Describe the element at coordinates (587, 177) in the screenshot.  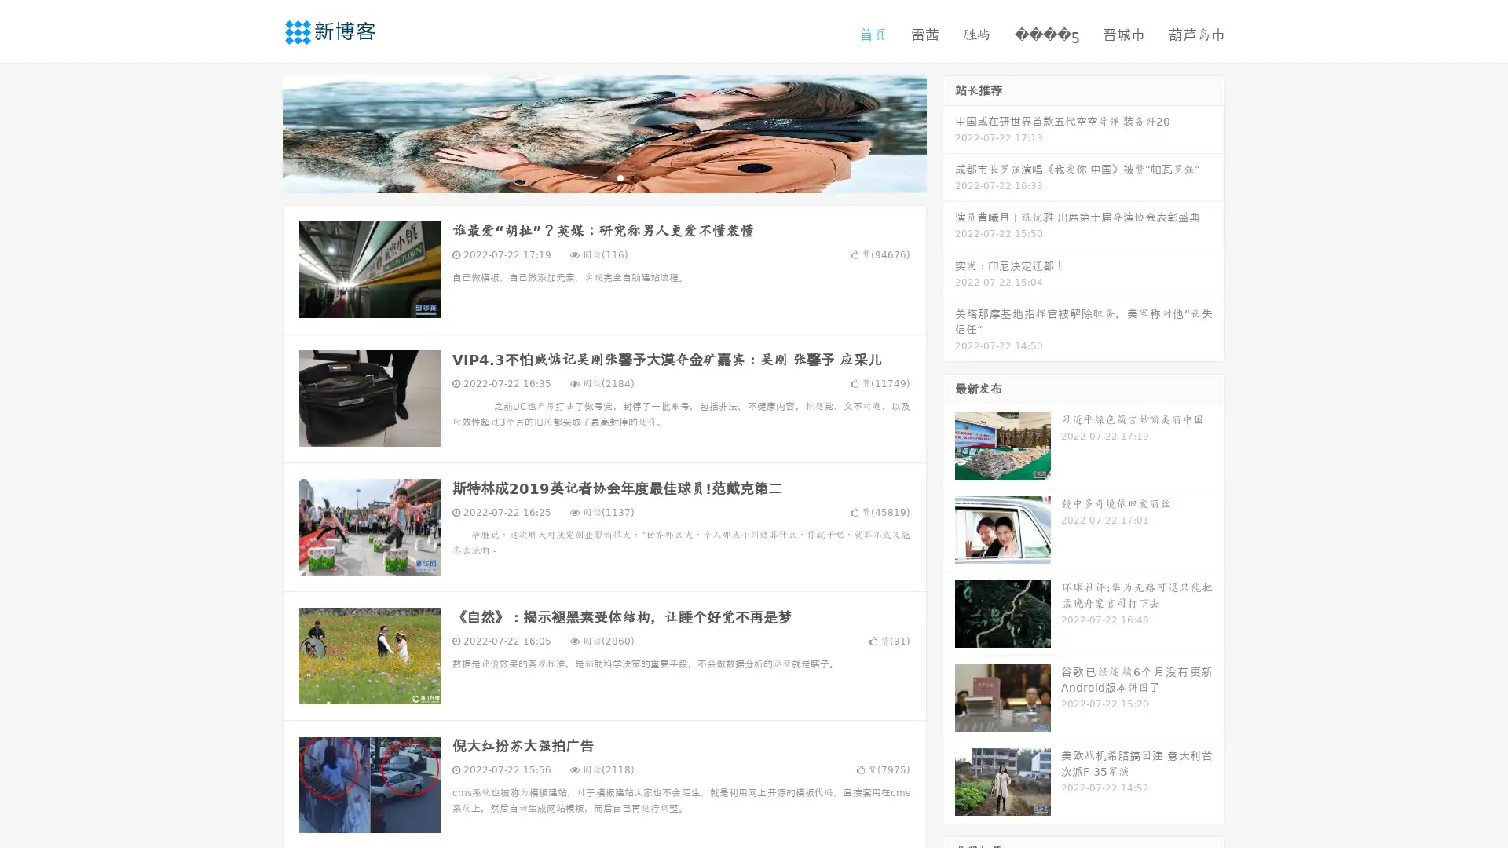
I see `Go to slide 1` at that location.